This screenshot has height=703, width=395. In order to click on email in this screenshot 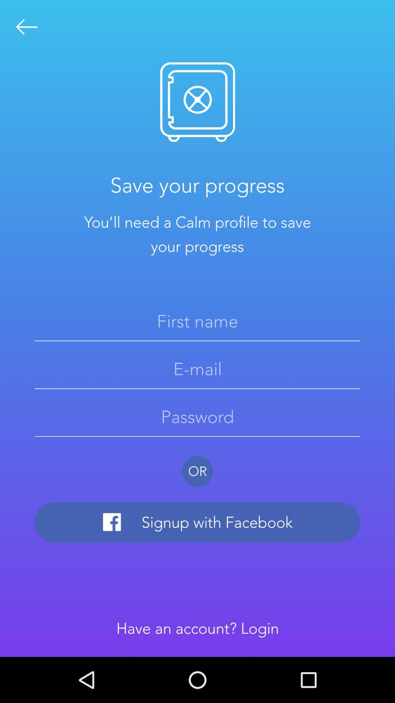, I will do `click(197, 369)`.